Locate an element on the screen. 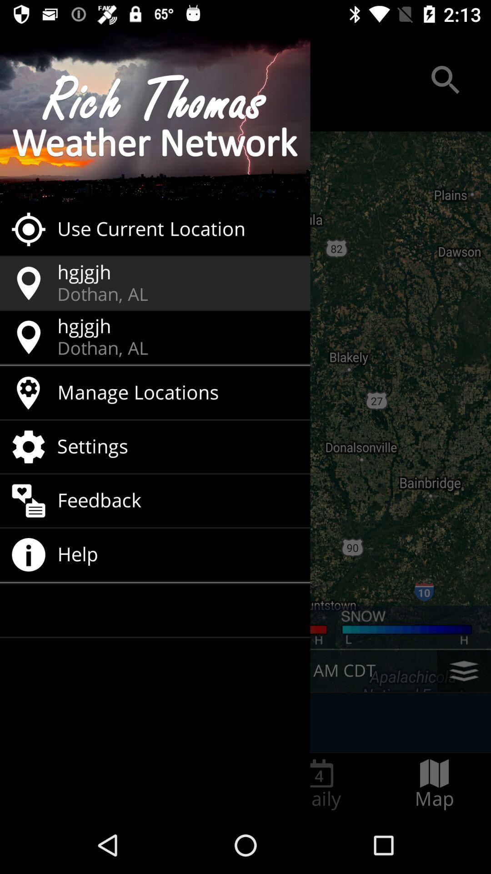 Image resolution: width=491 pixels, height=874 pixels. the icon just below the 213 at the top right corner is located at coordinates (445, 80).